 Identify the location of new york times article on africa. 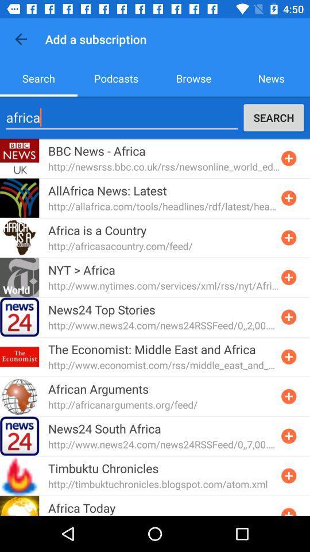
(288, 277).